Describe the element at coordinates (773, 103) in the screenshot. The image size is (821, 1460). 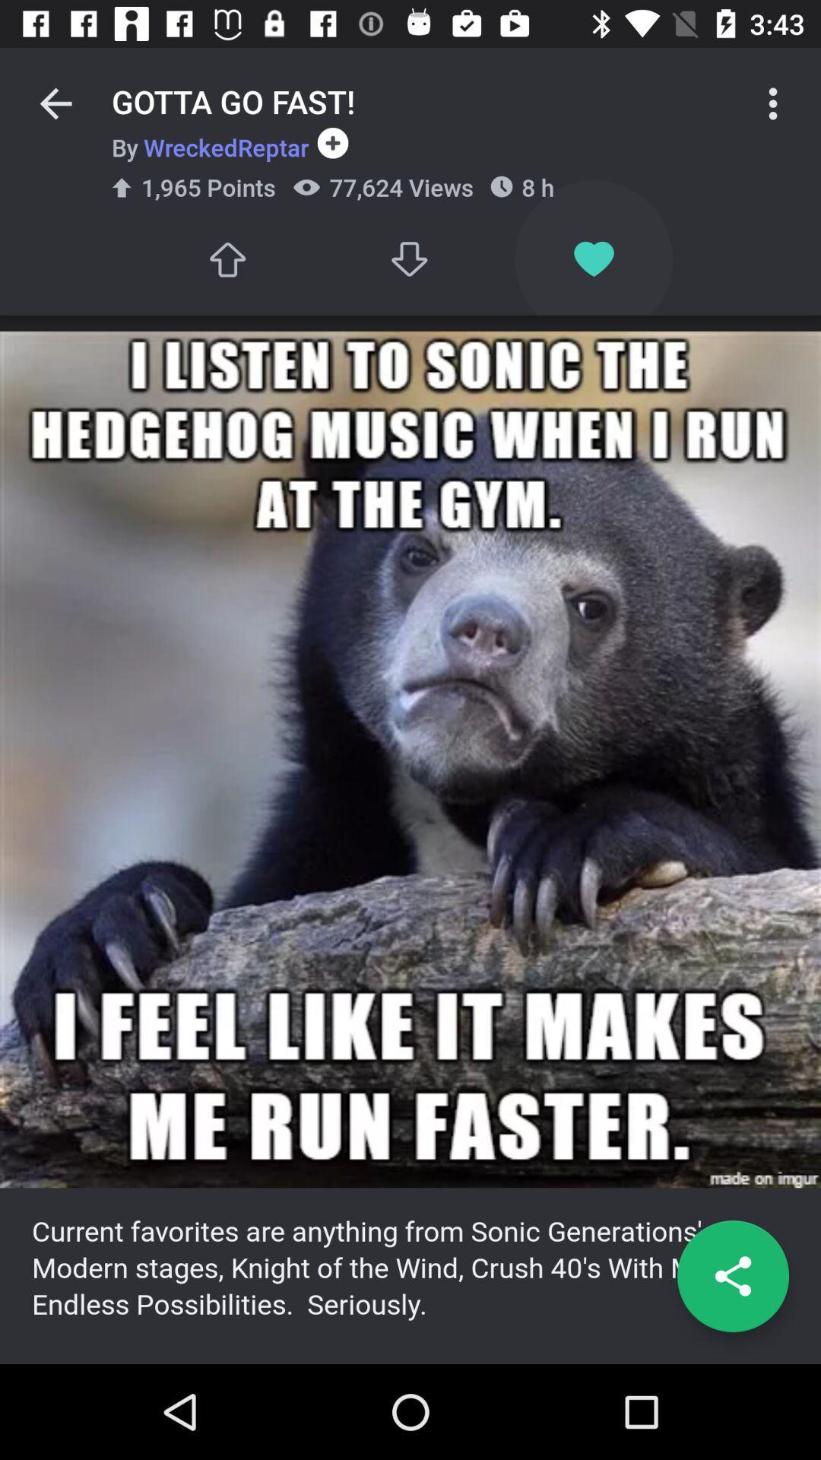
I see `icon next to 8 h item` at that location.